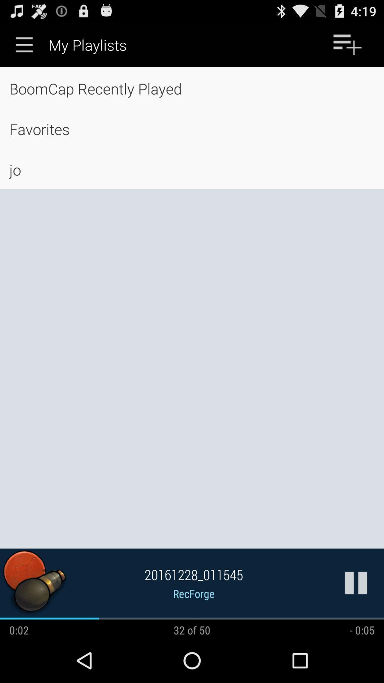  Describe the element at coordinates (24, 47) in the screenshot. I see `the menu icon` at that location.